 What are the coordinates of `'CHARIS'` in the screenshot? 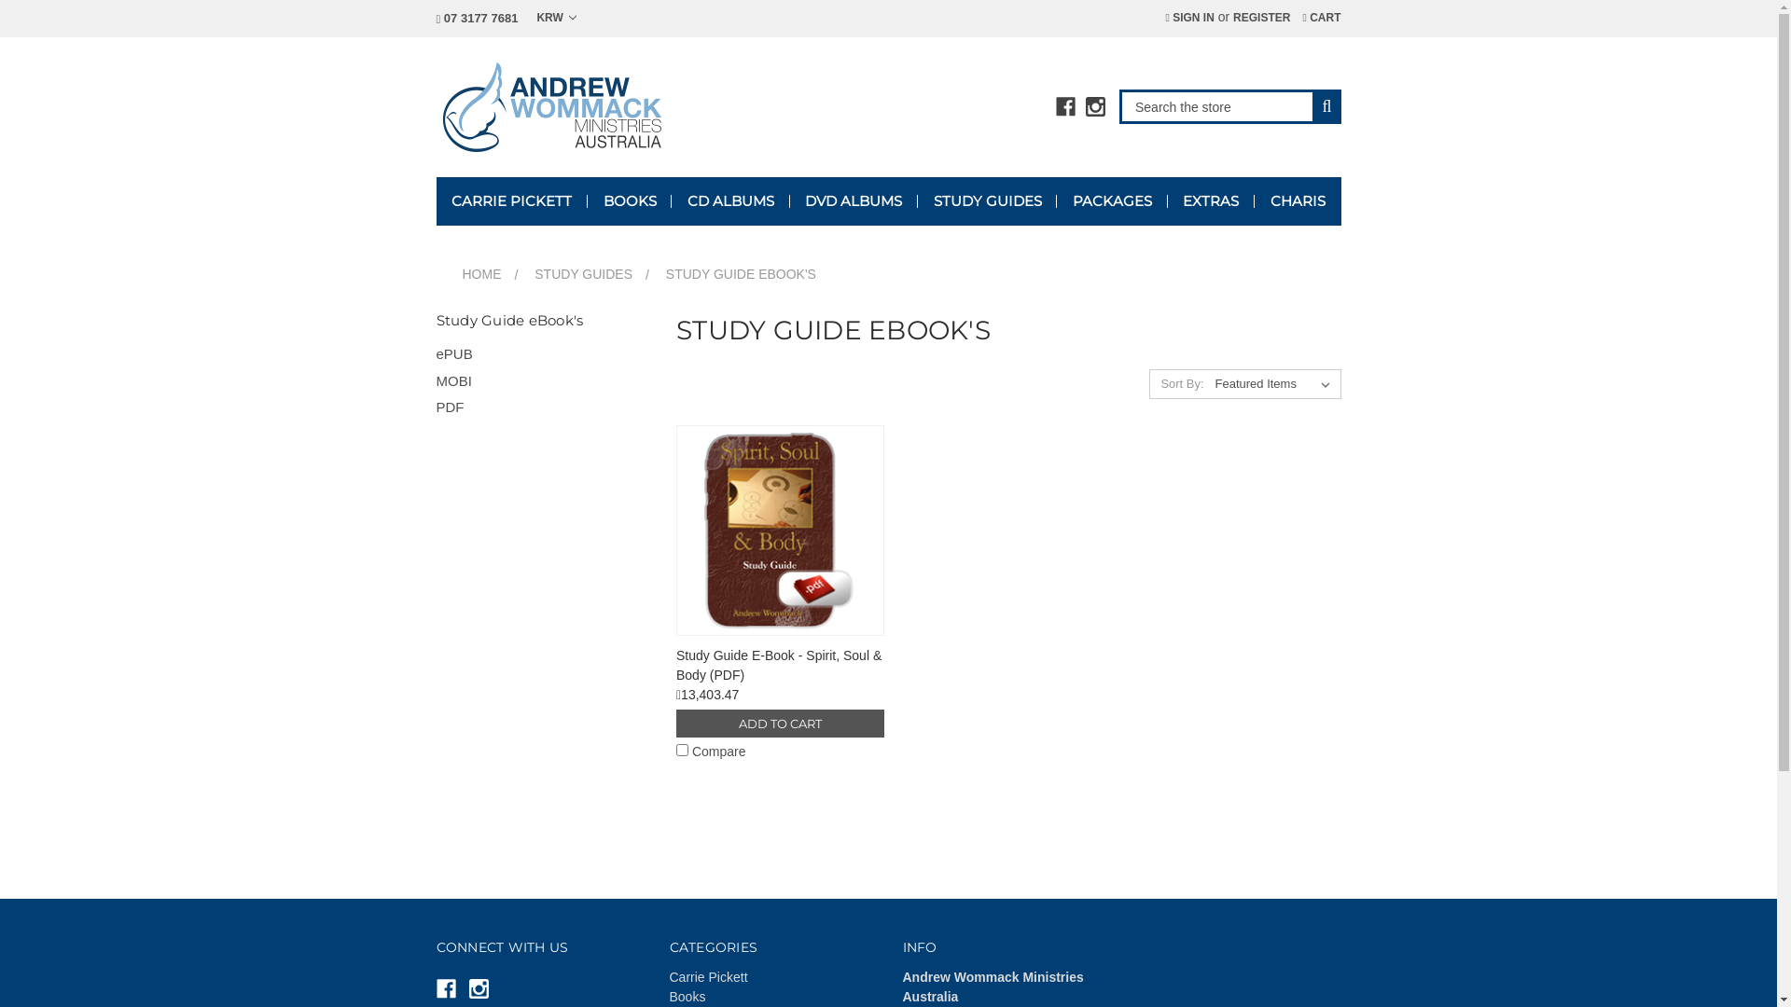 It's located at (1297, 201).